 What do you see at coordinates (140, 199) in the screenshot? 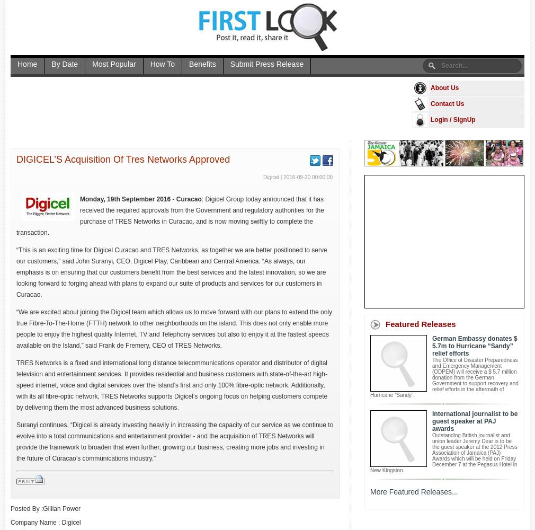
I see `'Monday, 19th September 2016 - Curacao'` at bounding box center [140, 199].